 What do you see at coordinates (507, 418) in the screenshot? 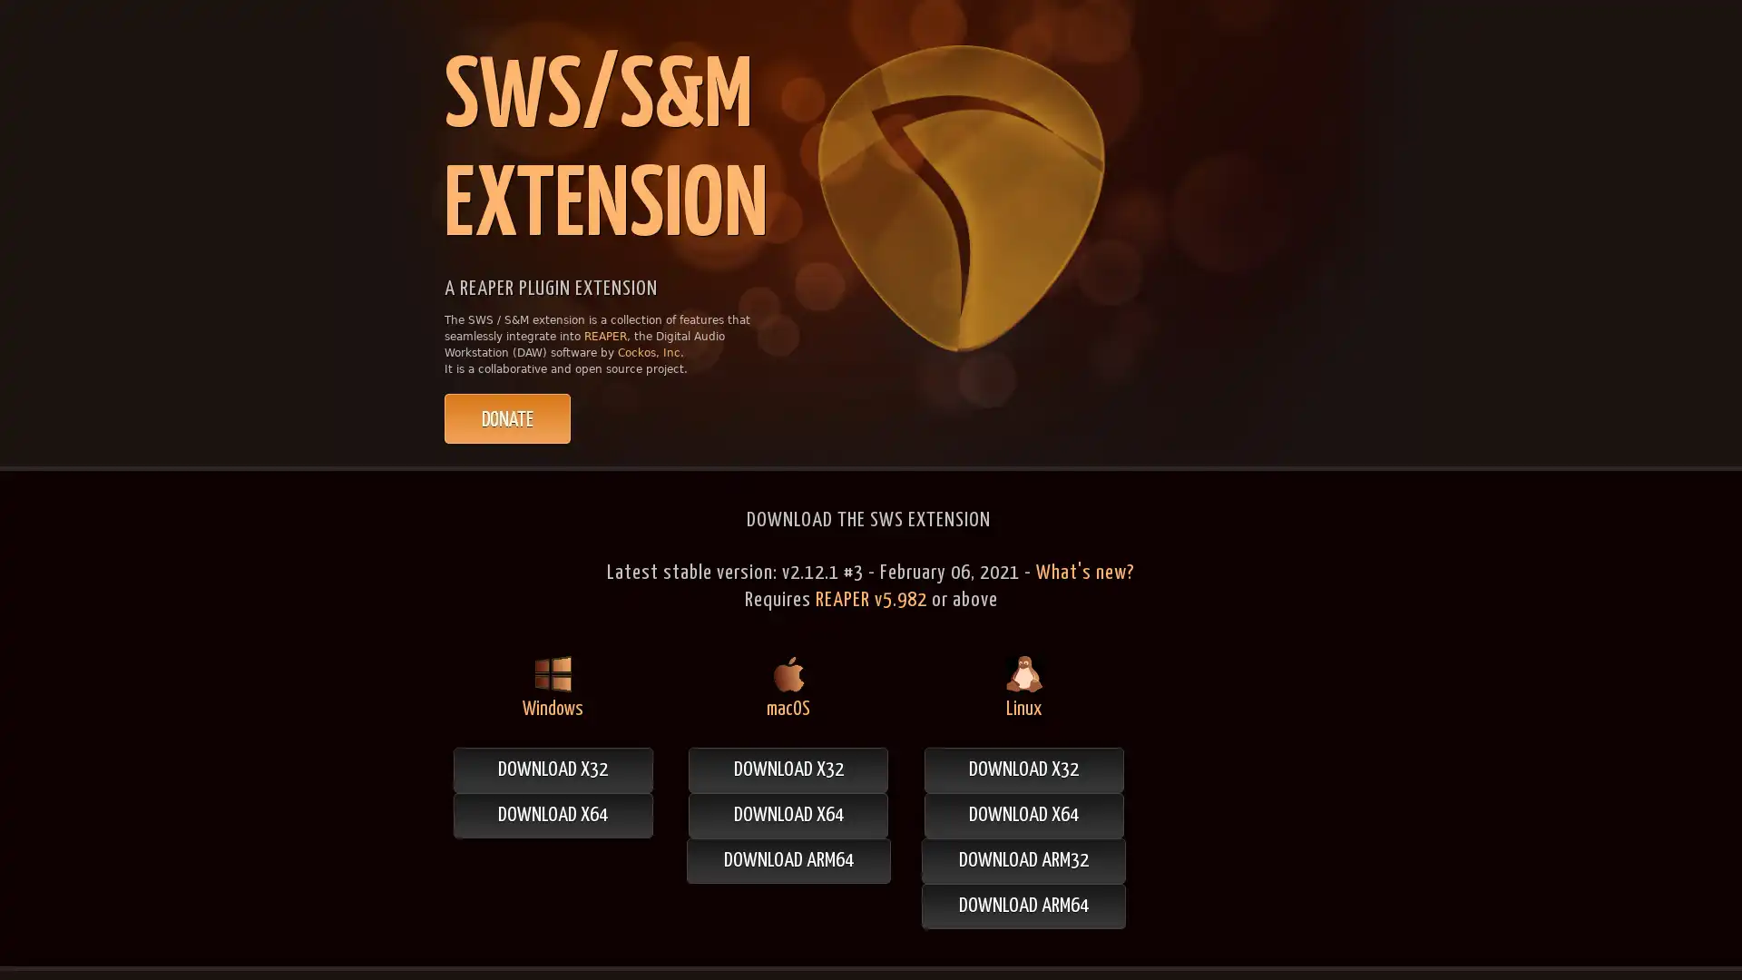
I see `PayPal` at bounding box center [507, 418].